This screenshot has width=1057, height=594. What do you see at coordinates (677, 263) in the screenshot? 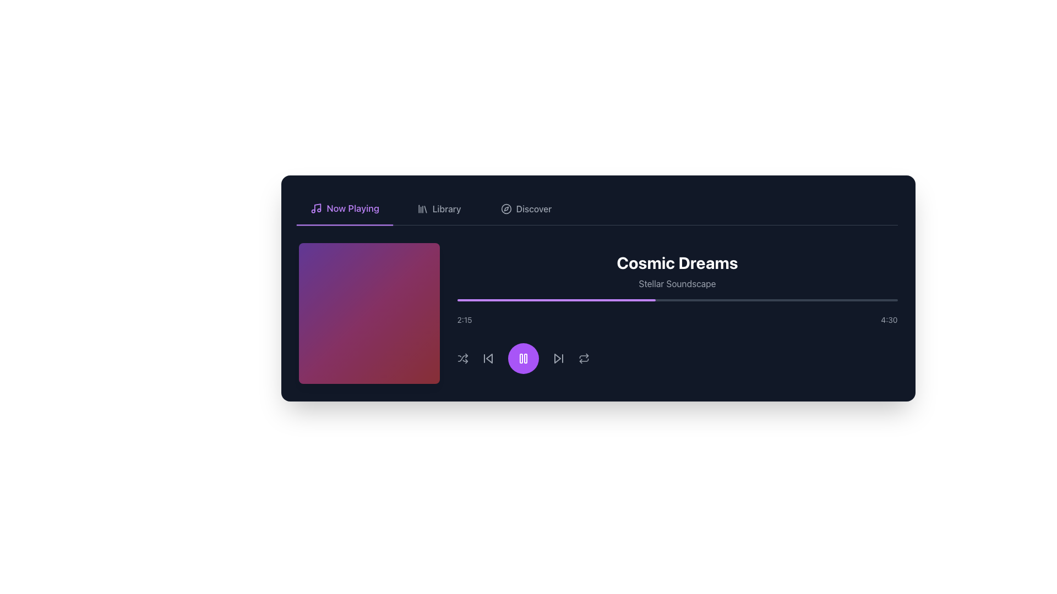
I see `the text label displaying 'Cosmic Dreams', which is styled with a bold and large font in white color on a dark background, located centrally in the interface above 'Stellar Soundscape'` at bounding box center [677, 263].